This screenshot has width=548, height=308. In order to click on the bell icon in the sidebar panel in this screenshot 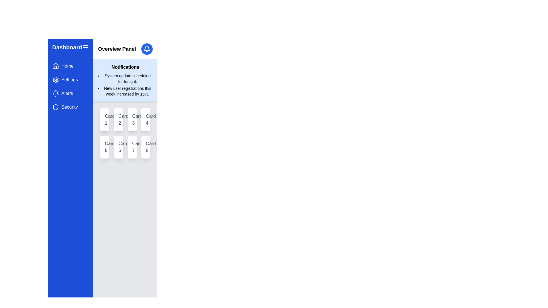, I will do `click(56, 93)`.